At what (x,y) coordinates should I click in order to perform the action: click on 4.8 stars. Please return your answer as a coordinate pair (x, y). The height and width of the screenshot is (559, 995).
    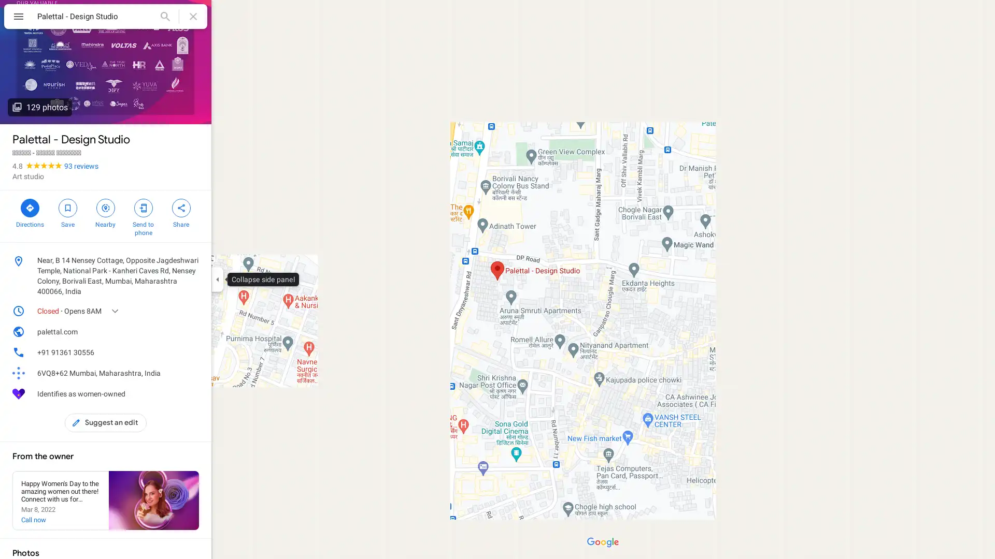
    Looking at the image, I should click on (38, 165).